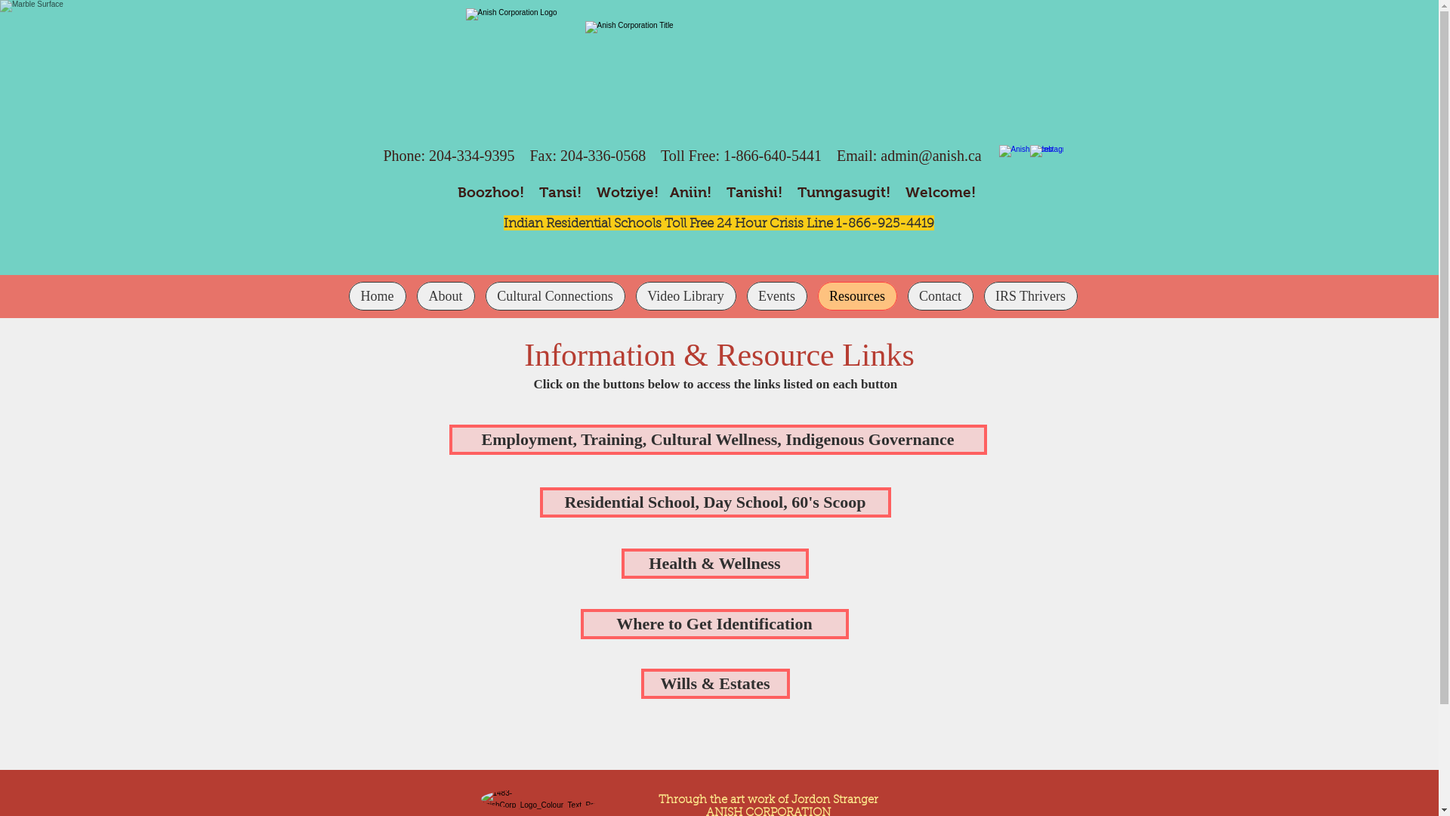  What do you see at coordinates (713, 623) in the screenshot?
I see `'Where to Get Identification'` at bounding box center [713, 623].